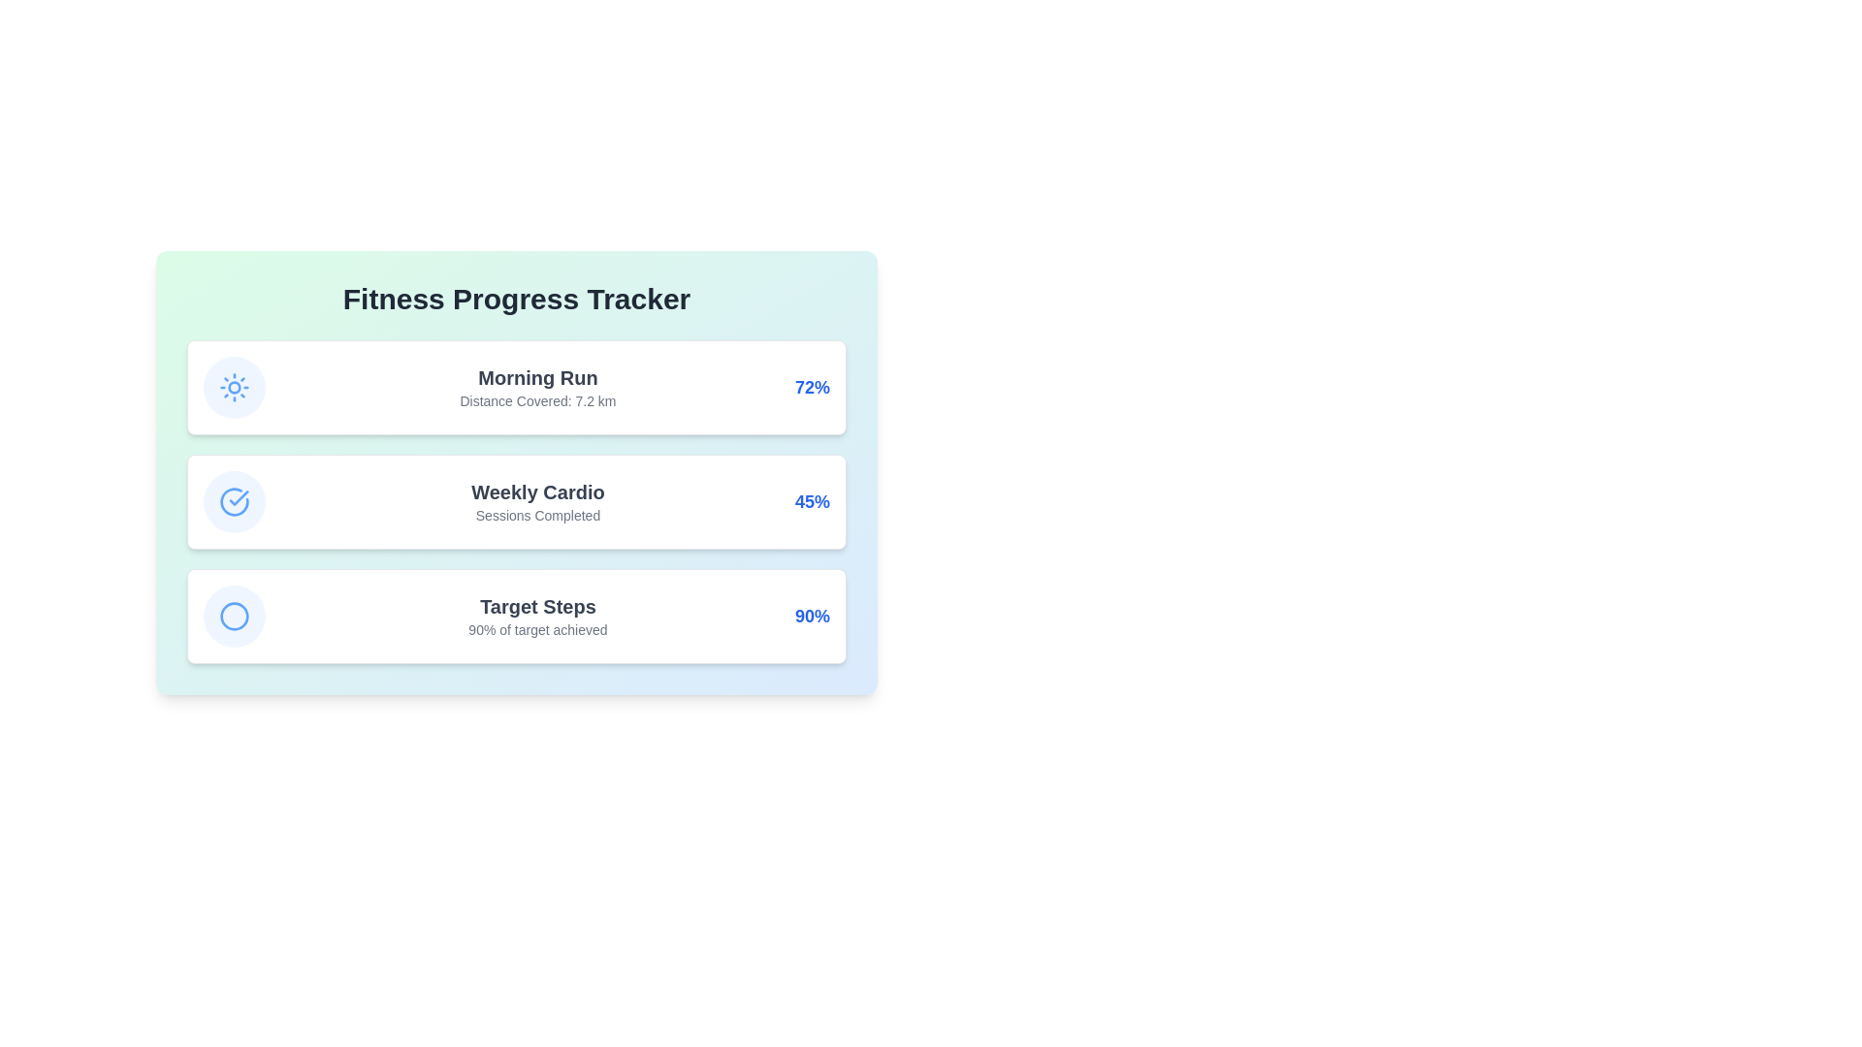 The image size is (1862, 1047). I want to click on the text block that summarizes progress related to step targets, located in the middle of the right-hand side of the body, third in the vertical stack of similar elements, so click(538, 617).